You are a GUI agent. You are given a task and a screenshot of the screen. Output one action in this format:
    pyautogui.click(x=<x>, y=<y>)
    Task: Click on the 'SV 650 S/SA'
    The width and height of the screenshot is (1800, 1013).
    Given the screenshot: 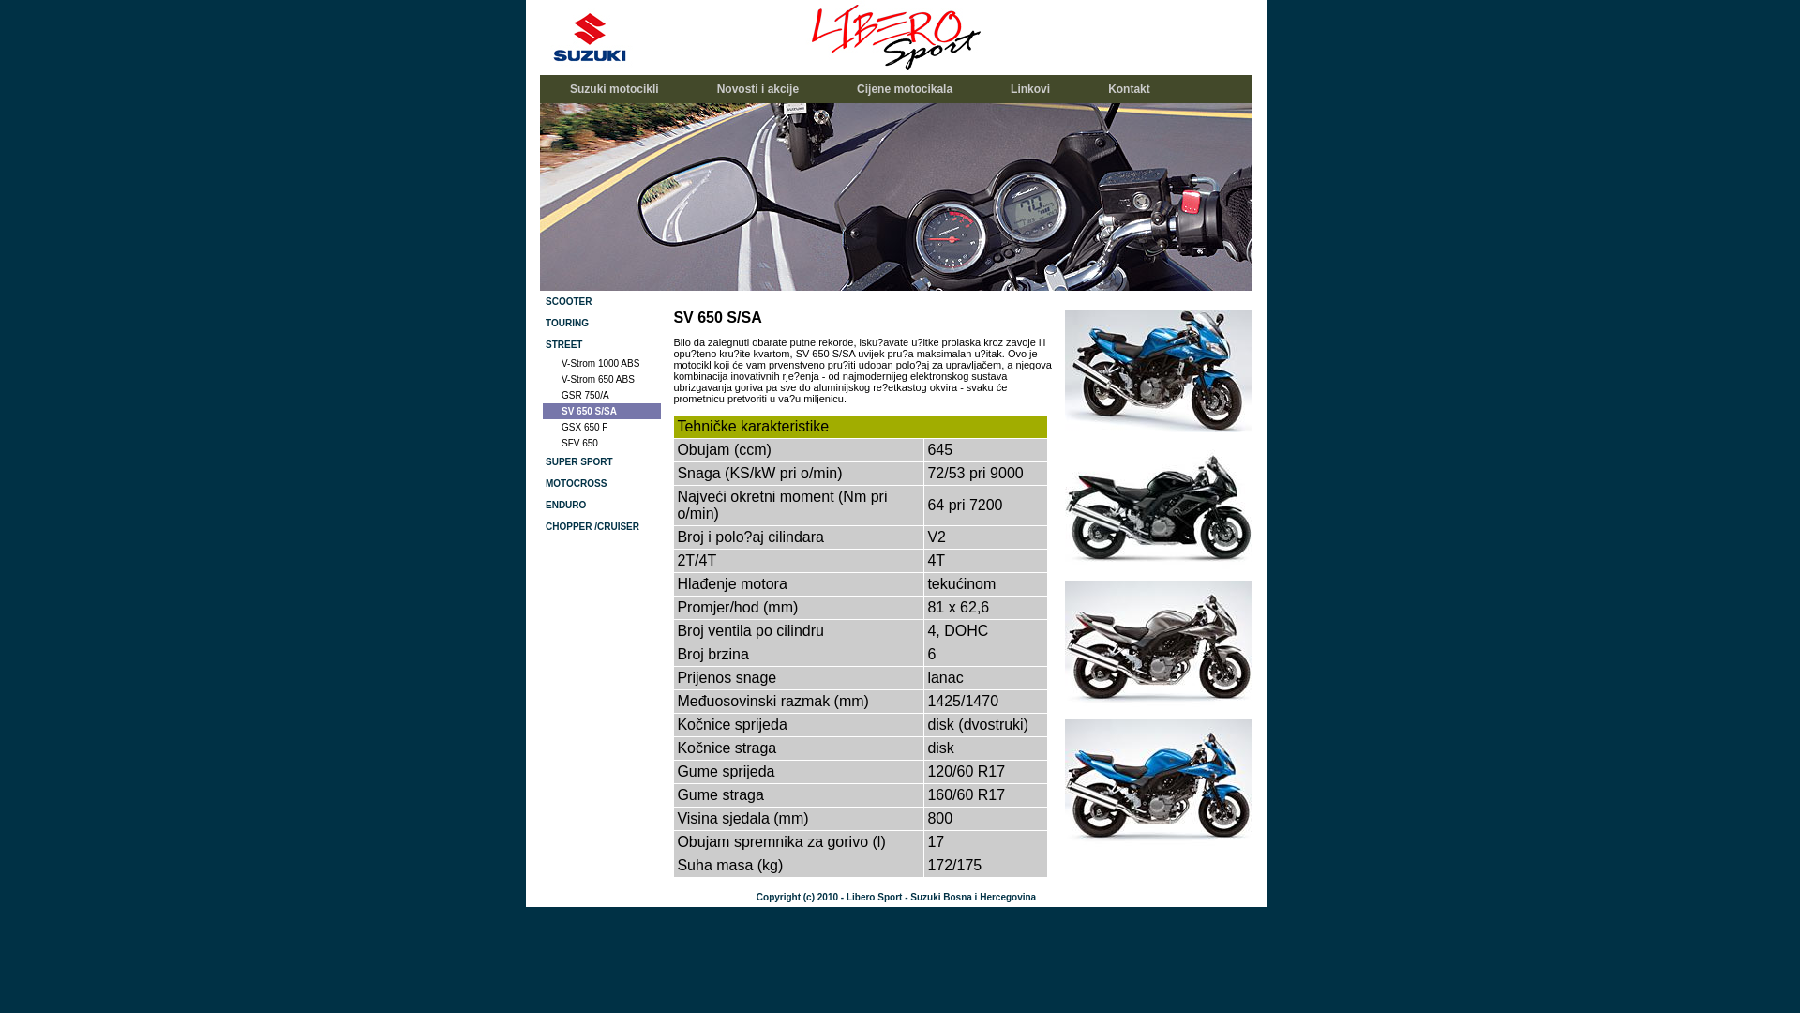 What is the action you would take?
    pyautogui.click(x=542, y=410)
    